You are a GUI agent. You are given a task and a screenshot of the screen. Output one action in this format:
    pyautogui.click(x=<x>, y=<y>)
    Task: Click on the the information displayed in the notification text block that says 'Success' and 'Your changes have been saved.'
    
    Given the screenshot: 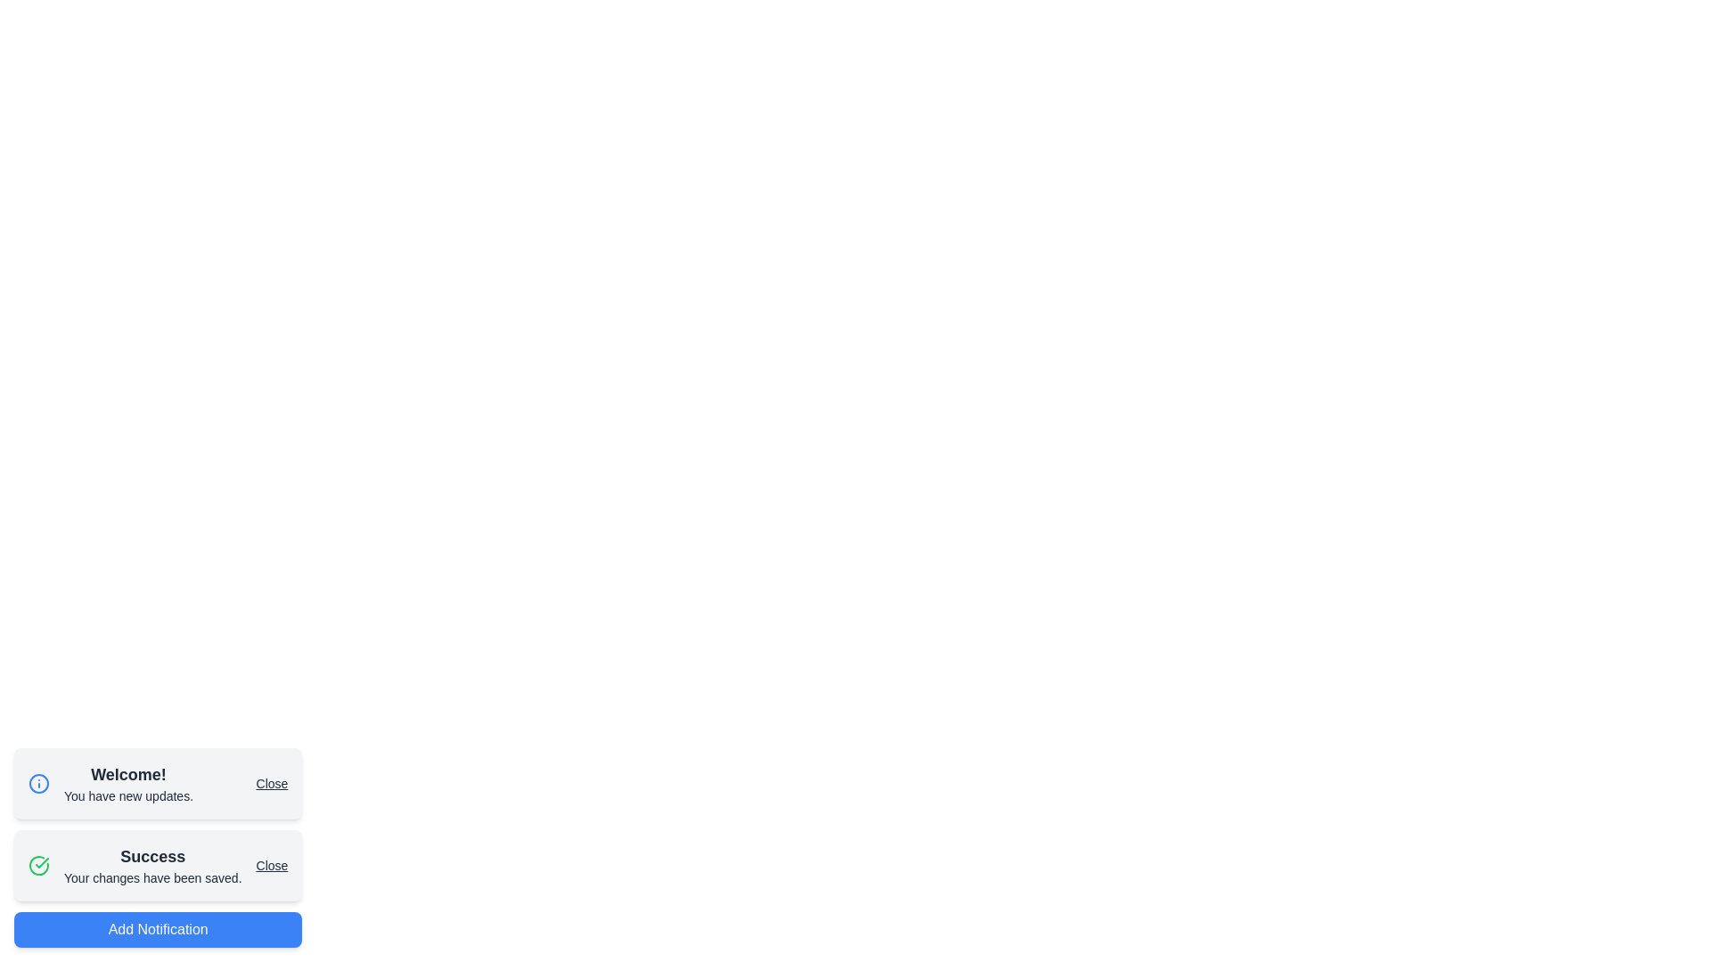 What is the action you would take?
    pyautogui.click(x=152, y=865)
    